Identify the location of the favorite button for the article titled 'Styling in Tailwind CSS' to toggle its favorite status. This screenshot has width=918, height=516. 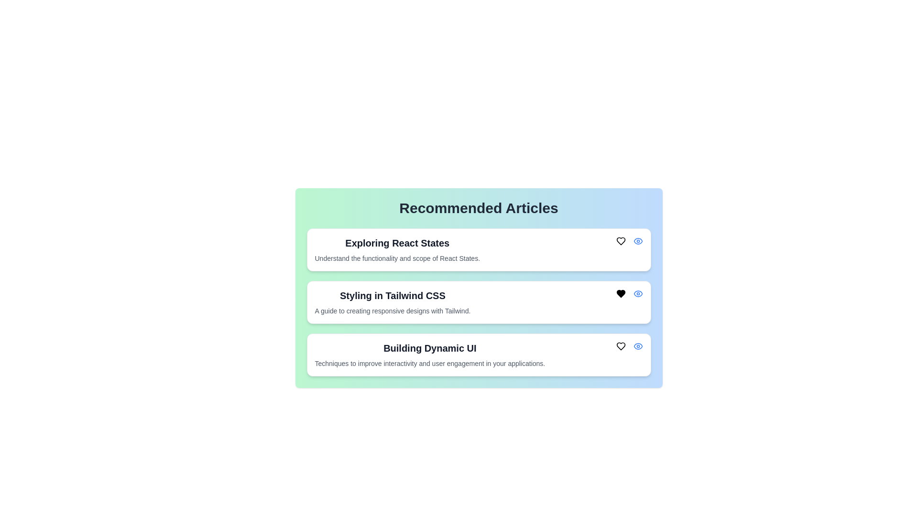
(621, 293).